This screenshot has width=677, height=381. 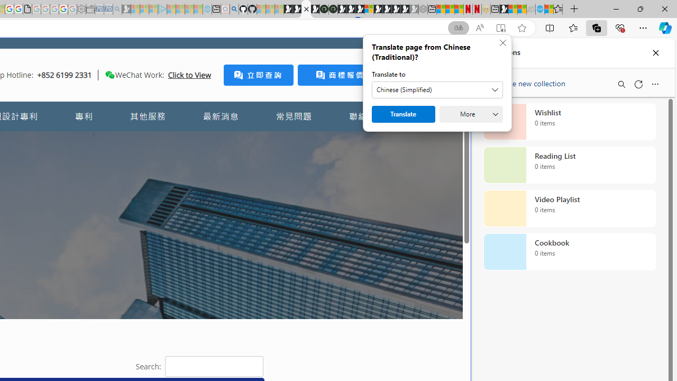 I want to click on 'Bing Real Estate - Home sales and rental listings - Sleeping', so click(x=117, y=9).